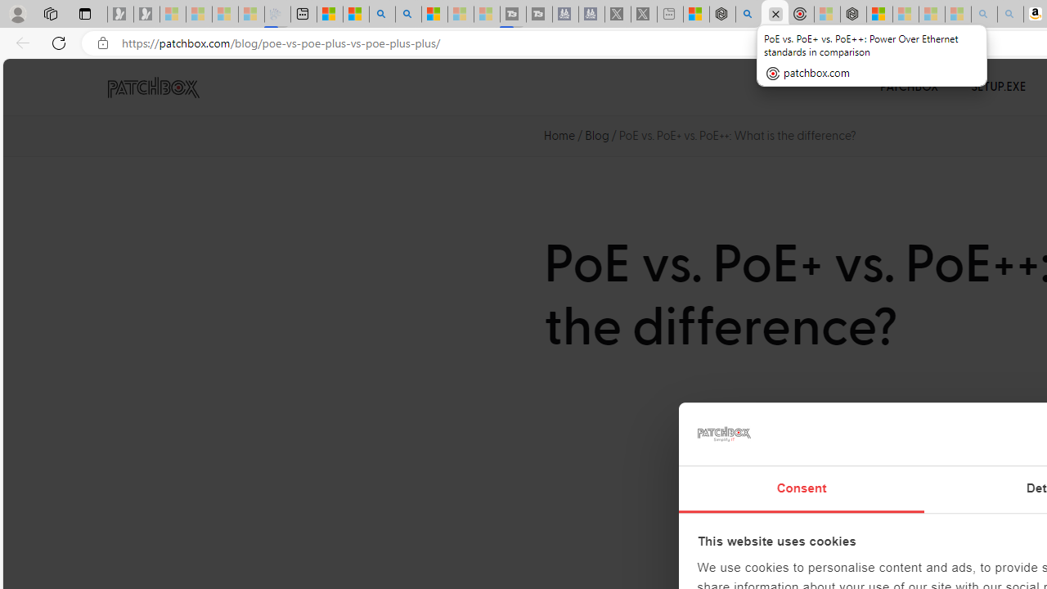  What do you see at coordinates (596, 134) in the screenshot?
I see `'Blog'` at bounding box center [596, 134].